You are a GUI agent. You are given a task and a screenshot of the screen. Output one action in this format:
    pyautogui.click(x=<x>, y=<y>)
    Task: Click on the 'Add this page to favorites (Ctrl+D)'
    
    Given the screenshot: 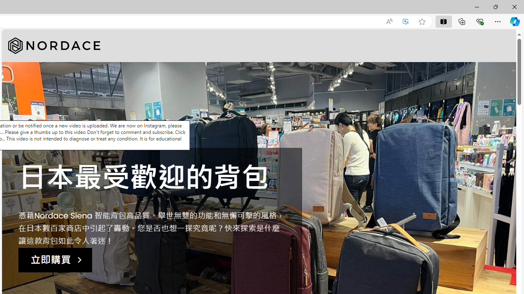 What is the action you would take?
    pyautogui.click(x=422, y=21)
    